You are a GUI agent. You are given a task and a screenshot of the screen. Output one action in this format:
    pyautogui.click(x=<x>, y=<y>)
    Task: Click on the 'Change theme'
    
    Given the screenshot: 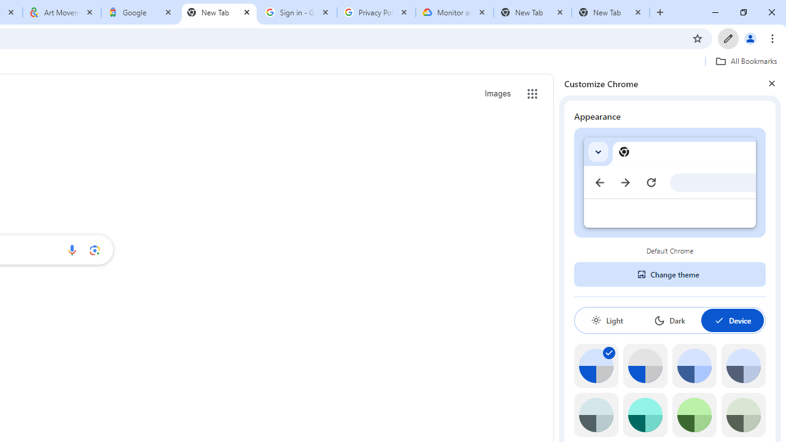 What is the action you would take?
    pyautogui.click(x=669, y=274)
    